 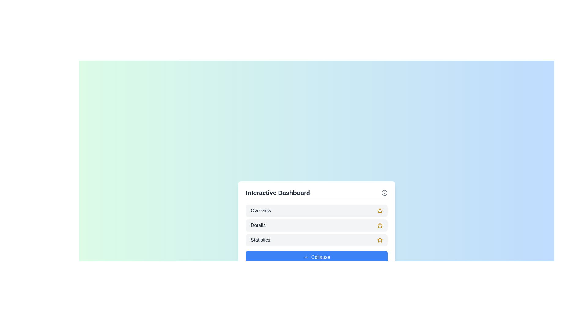 I want to click on the second button in the vertically stacked group of three buttons within the 'Interactive Dashboard' panel, so click(x=317, y=225).